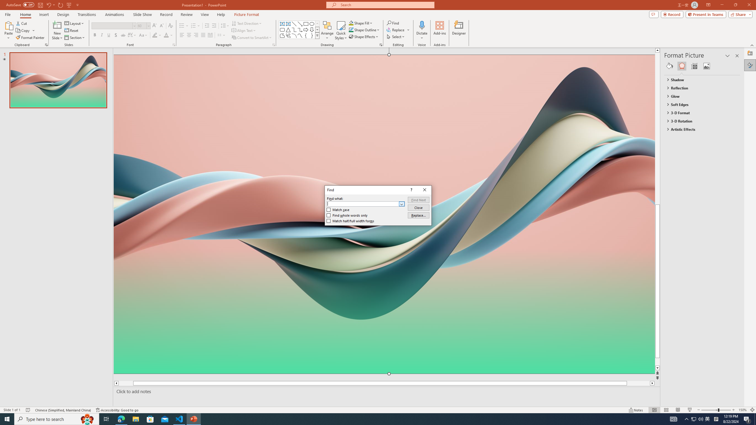 This screenshot has height=425, width=756. Describe the element at coordinates (743, 410) in the screenshot. I see `'Zoom 150%'` at that location.